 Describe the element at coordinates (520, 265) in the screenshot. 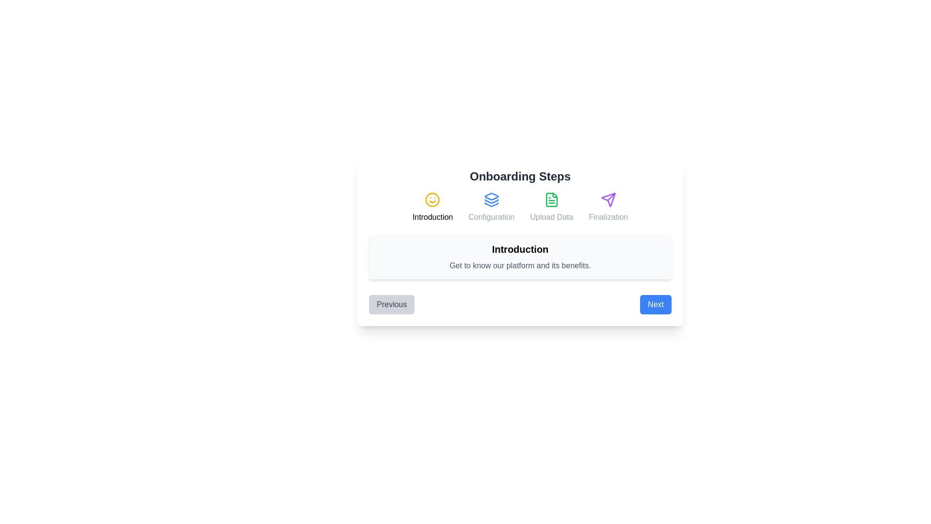

I see `the text line reading 'Get to know our platform and its benefits.' which is styled in light gray and located under the title 'Introduction'` at that location.